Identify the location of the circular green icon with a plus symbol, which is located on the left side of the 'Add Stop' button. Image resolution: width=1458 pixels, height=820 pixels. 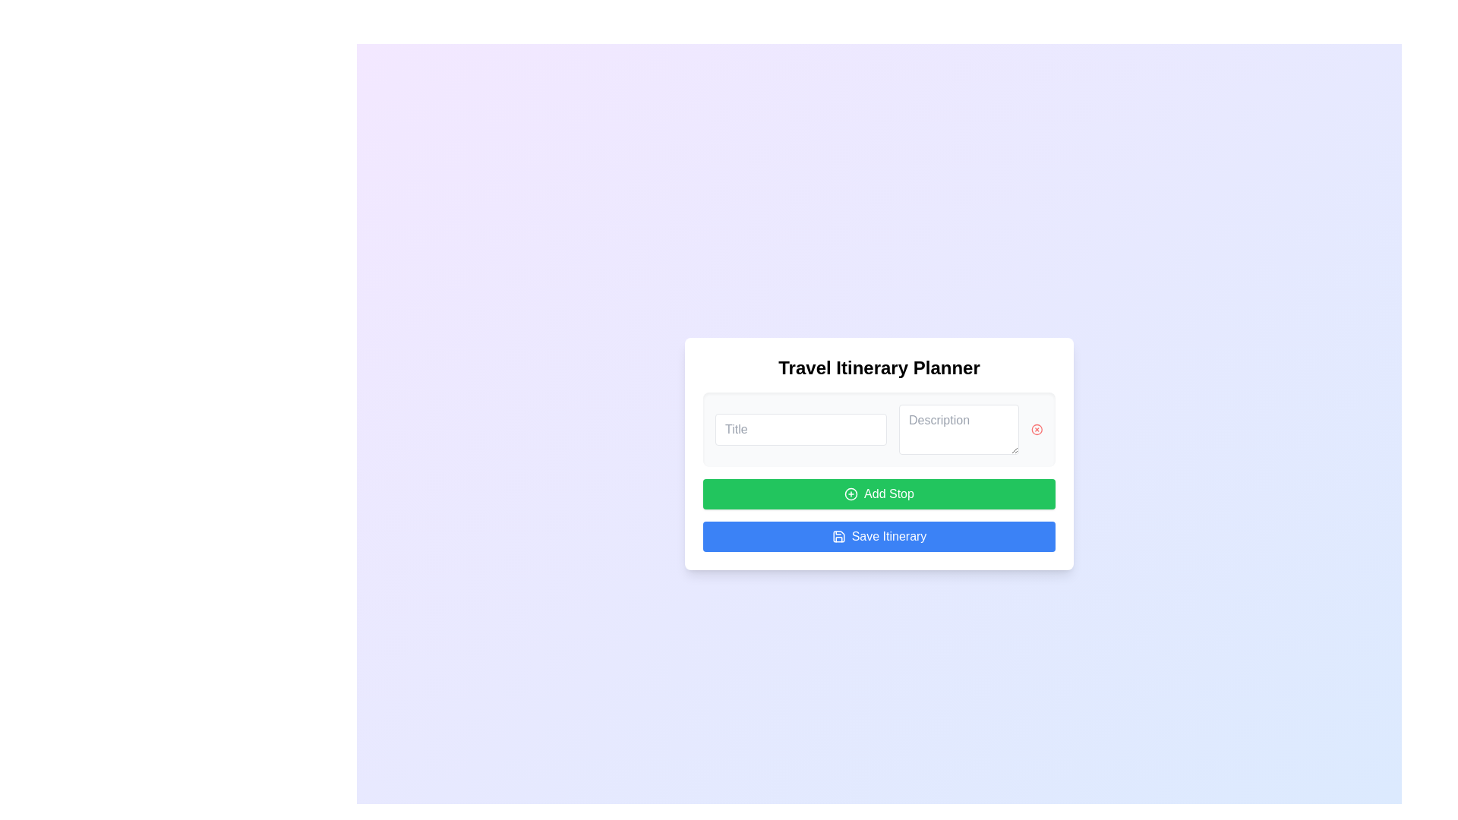
(851, 494).